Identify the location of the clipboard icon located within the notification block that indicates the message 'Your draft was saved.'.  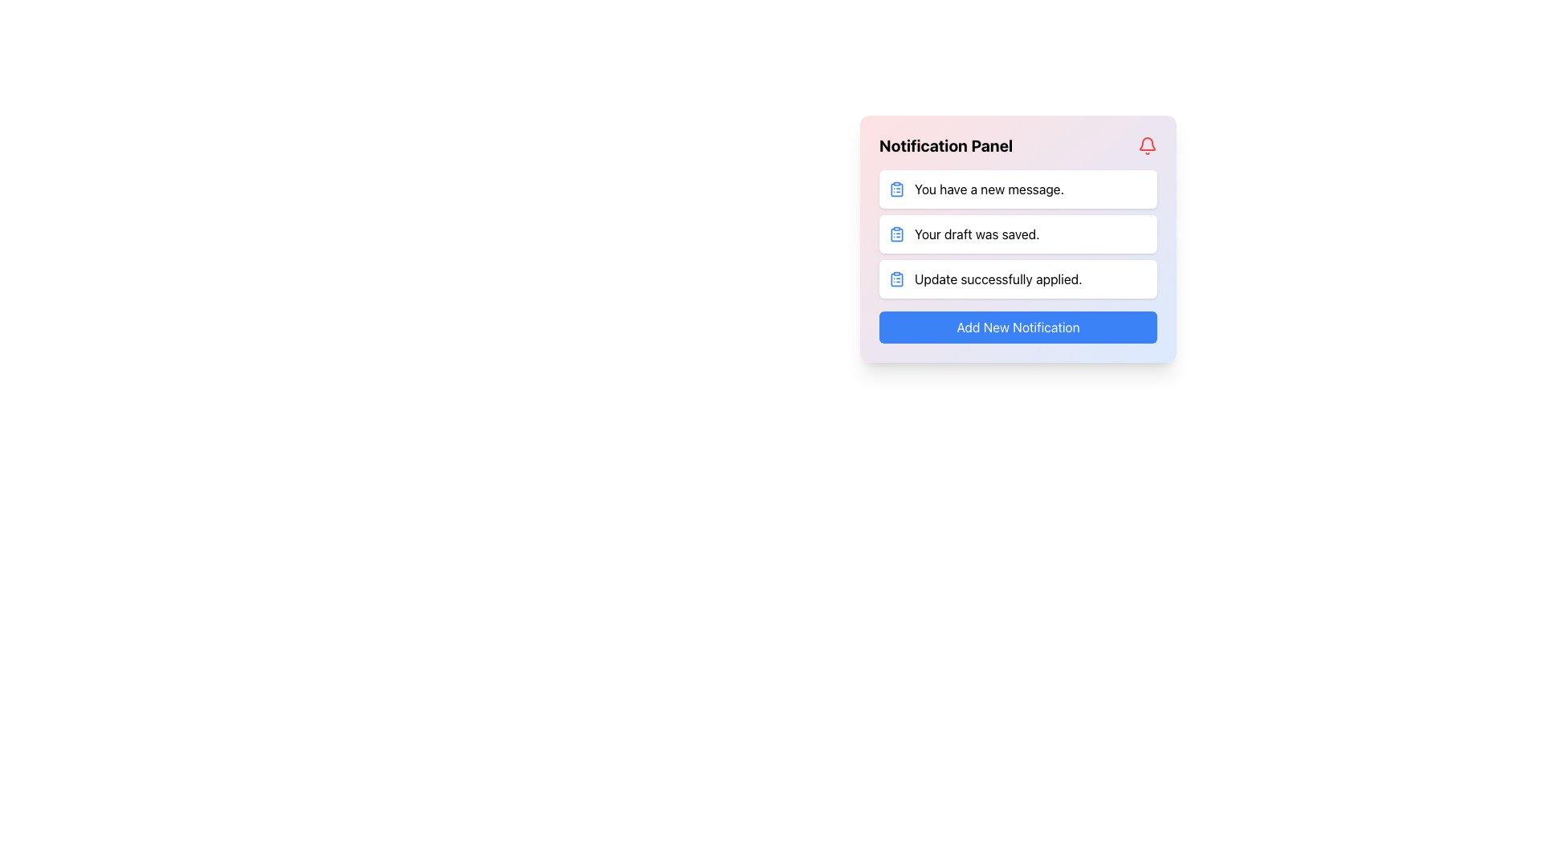
(896, 234).